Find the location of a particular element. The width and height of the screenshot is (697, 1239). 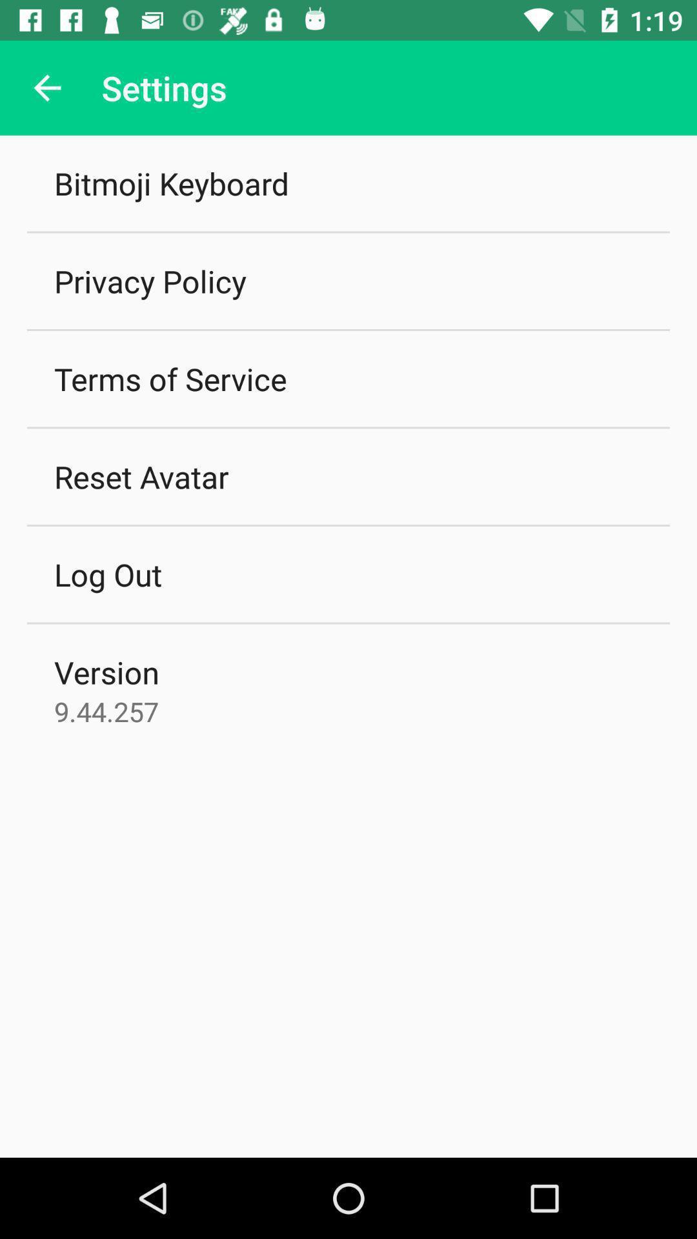

icon below reset avatar item is located at coordinates (107, 574).